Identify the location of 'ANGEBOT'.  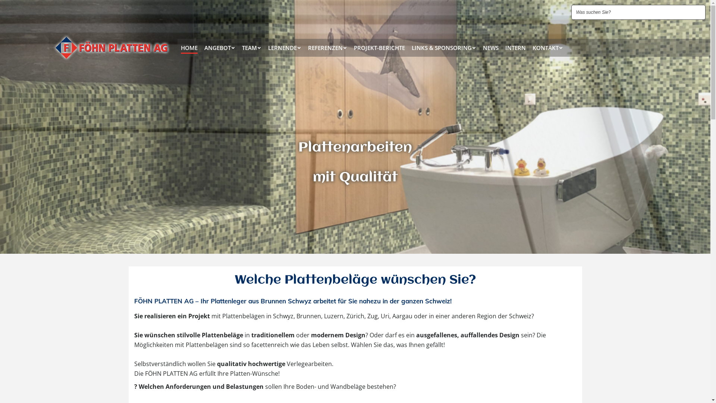
(219, 48).